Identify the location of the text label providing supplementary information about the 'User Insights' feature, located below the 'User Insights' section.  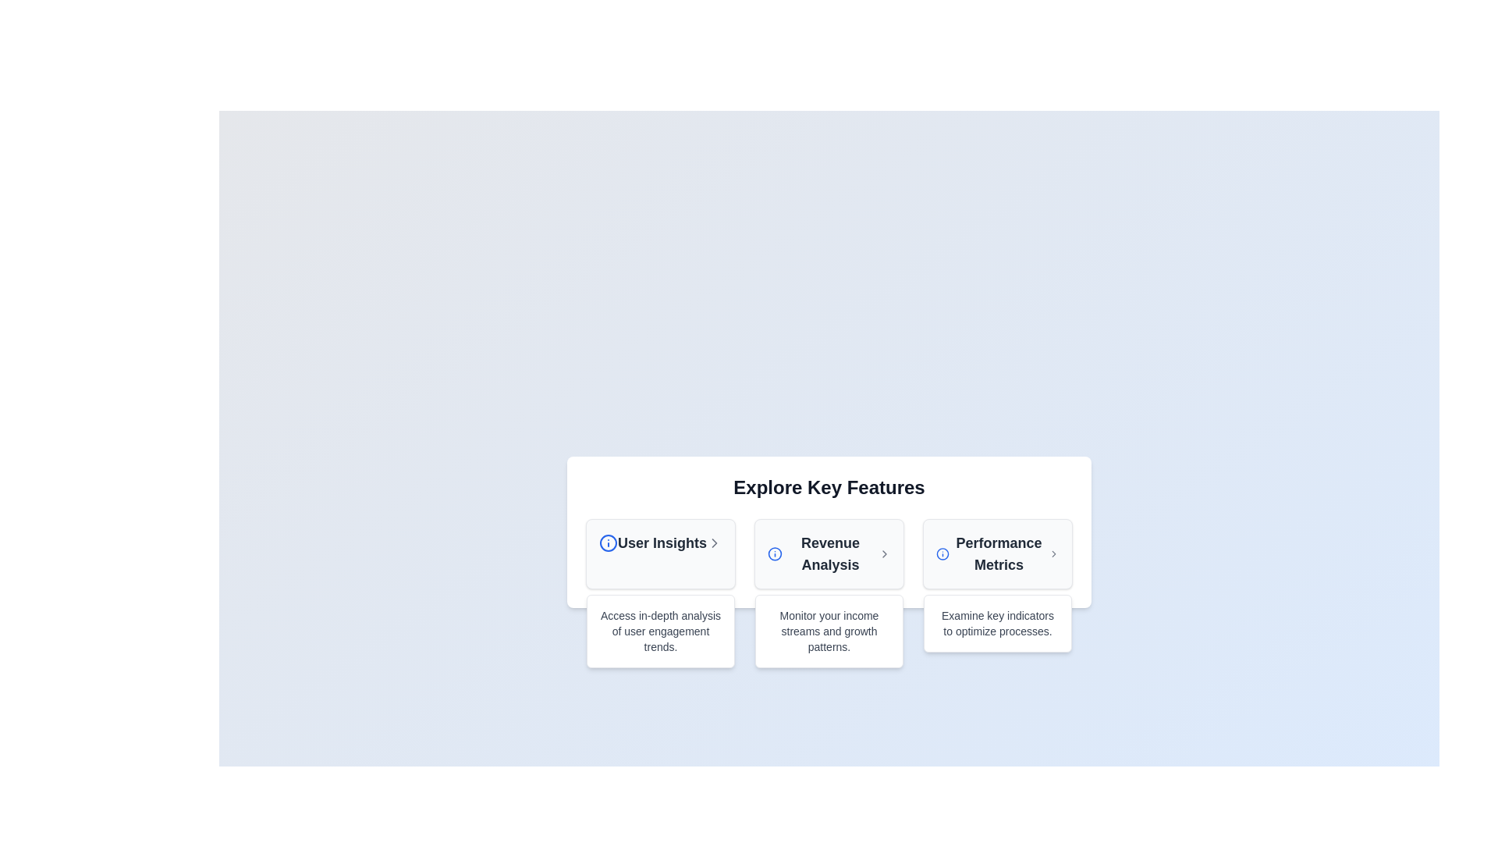
(660, 631).